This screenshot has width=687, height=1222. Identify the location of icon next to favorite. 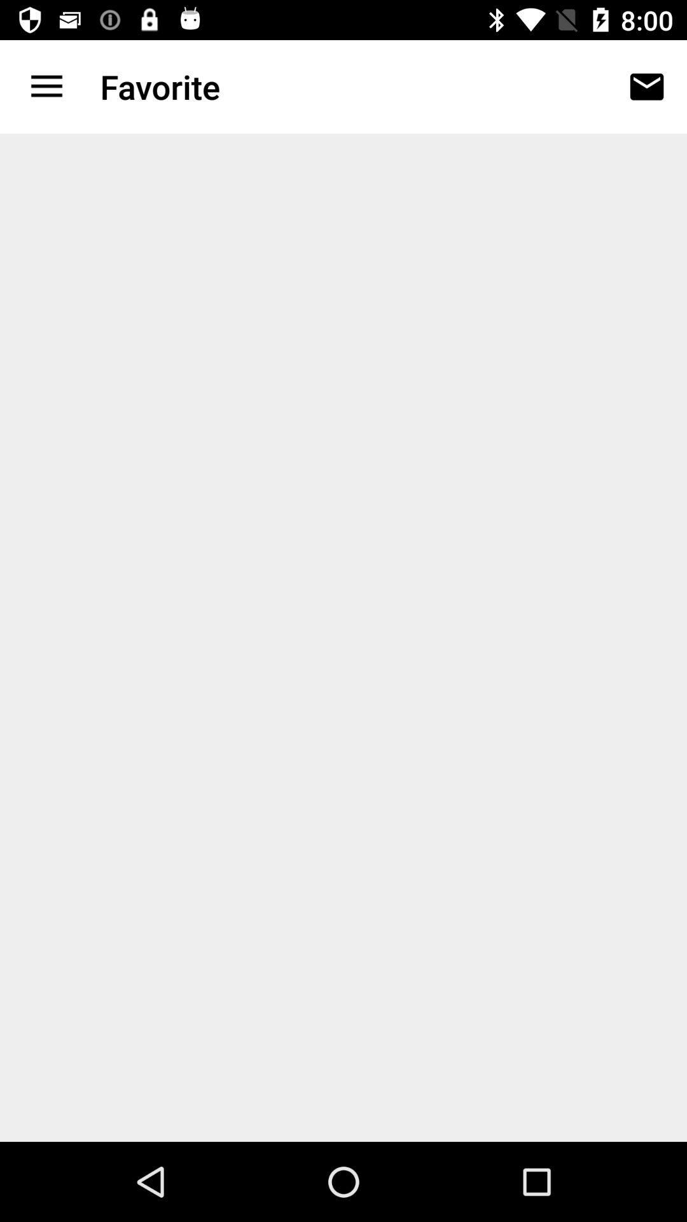
(647, 86).